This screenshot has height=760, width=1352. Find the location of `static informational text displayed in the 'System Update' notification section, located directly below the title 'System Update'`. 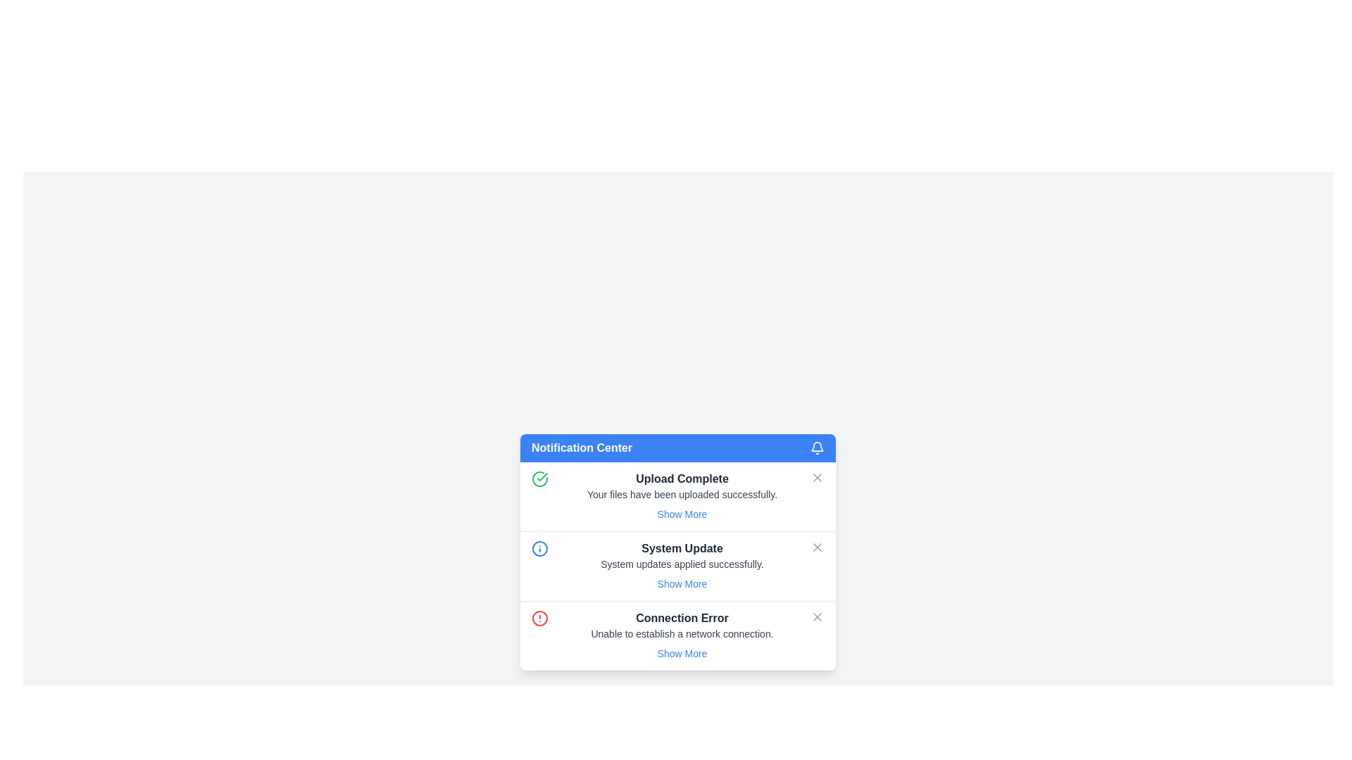

static informational text displayed in the 'System Update' notification section, located directly below the title 'System Update' is located at coordinates (682, 564).